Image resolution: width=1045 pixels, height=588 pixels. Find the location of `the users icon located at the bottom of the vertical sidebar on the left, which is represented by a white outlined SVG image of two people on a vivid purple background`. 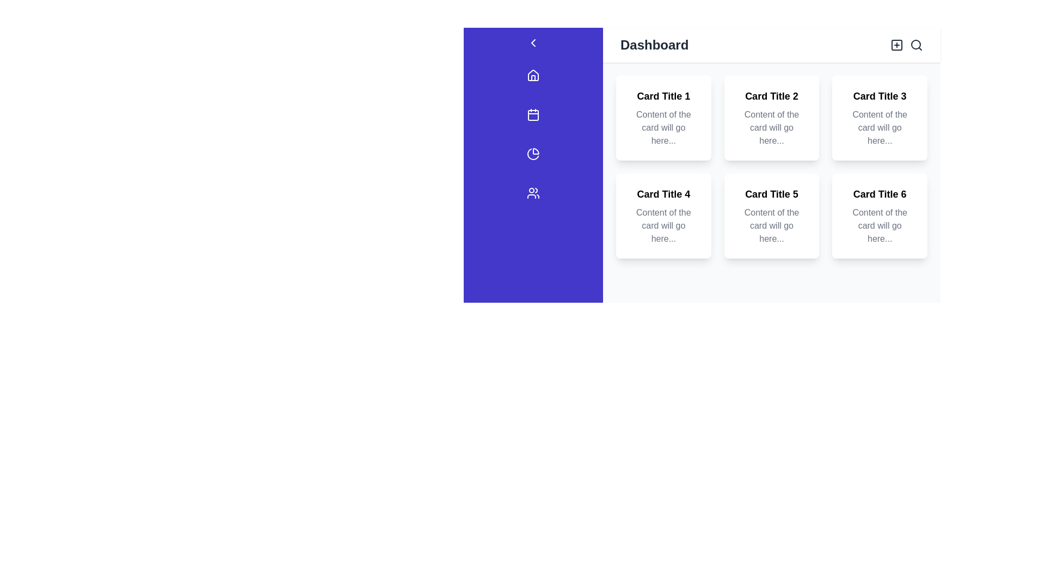

the users icon located at the bottom of the vertical sidebar on the left, which is represented by a white outlined SVG image of two people on a vivid purple background is located at coordinates (533, 192).